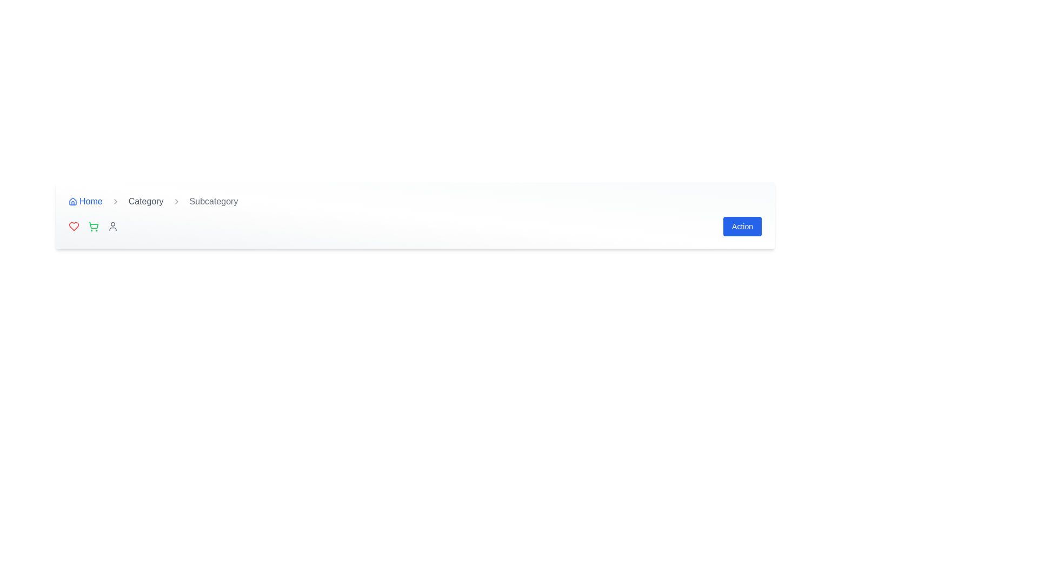  Describe the element at coordinates (741, 226) in the screenshot. I see `the blue rectangular button with the label 'Action'` at that location.